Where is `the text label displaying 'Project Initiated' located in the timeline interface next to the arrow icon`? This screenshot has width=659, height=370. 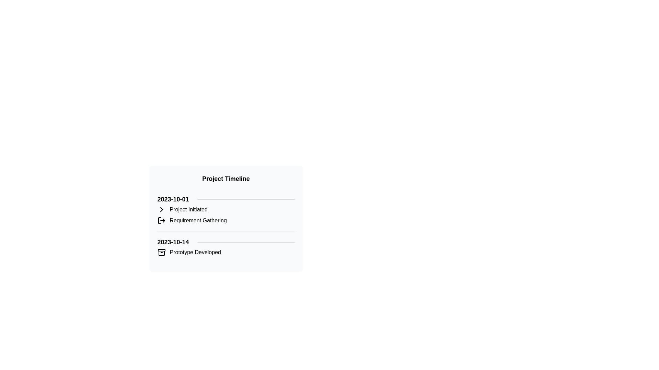 the text label displaying 'Project Initiated' located in the timeline interface next to the arrow icon is located at coordinates (188, 209).